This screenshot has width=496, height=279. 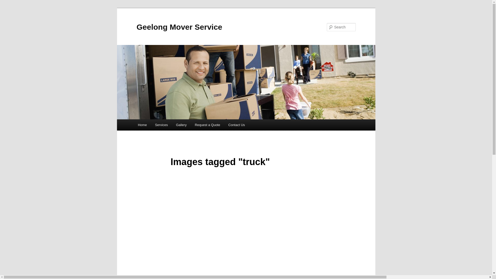 What do you see at coordinates (181, 125) in the screenshot?
I see `'Gallery'` at bounding box center [181, 125].